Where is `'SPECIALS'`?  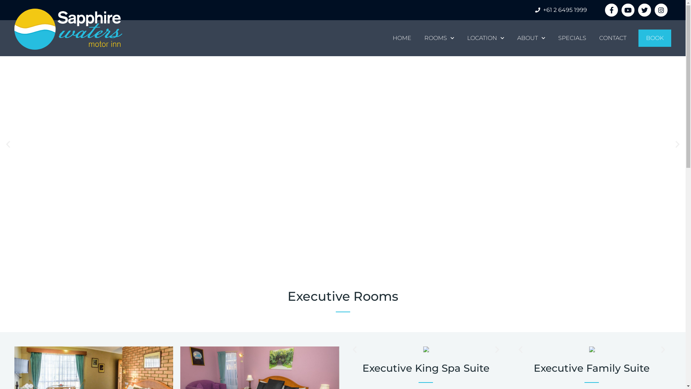
'SPECIALS' is located at coordinates (572, 38).